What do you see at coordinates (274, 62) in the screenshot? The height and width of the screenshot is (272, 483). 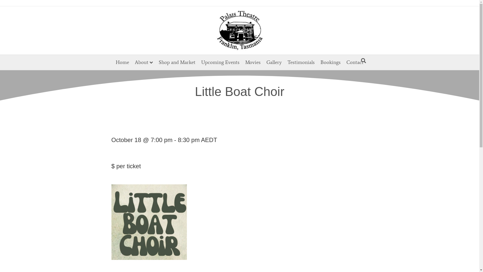 I see `'Gallery'` at bounding box center [274, 62].